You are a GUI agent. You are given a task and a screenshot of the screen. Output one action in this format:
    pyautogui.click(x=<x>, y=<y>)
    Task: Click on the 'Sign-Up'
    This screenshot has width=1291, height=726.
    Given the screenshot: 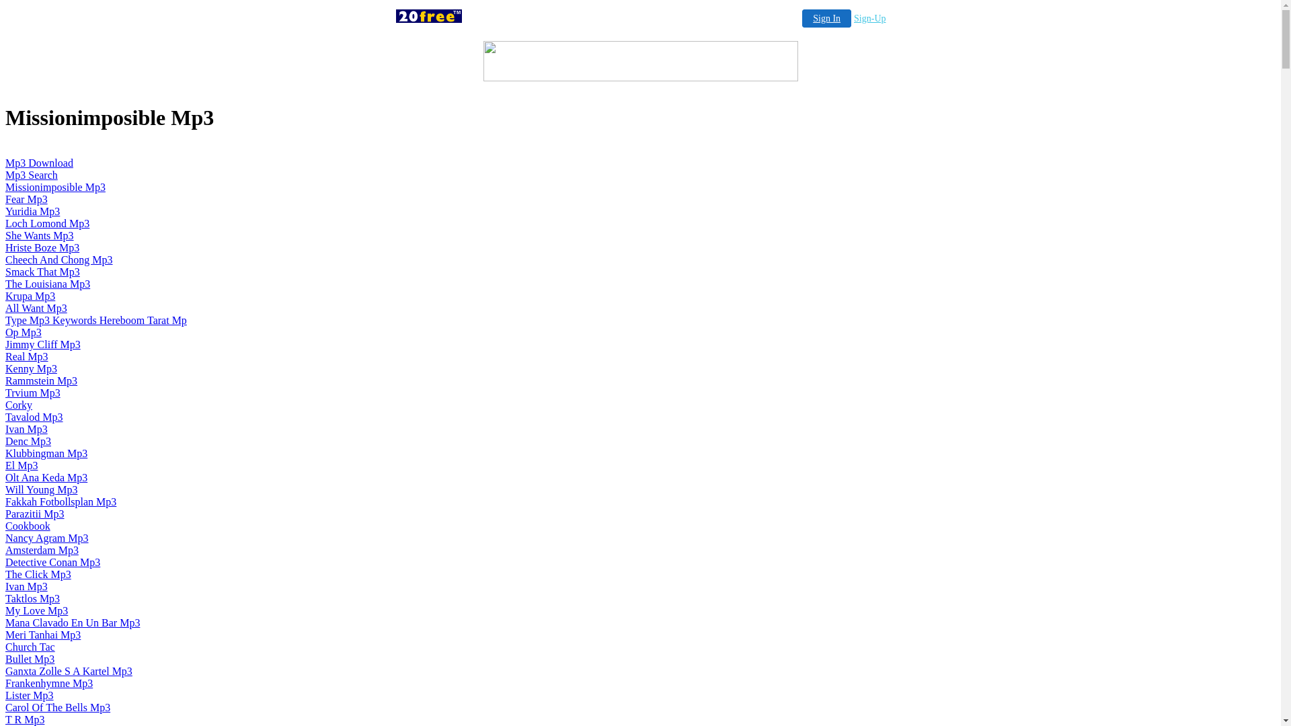 What is the action you would take?
    pyautogui.click(x=853, y=18)
    